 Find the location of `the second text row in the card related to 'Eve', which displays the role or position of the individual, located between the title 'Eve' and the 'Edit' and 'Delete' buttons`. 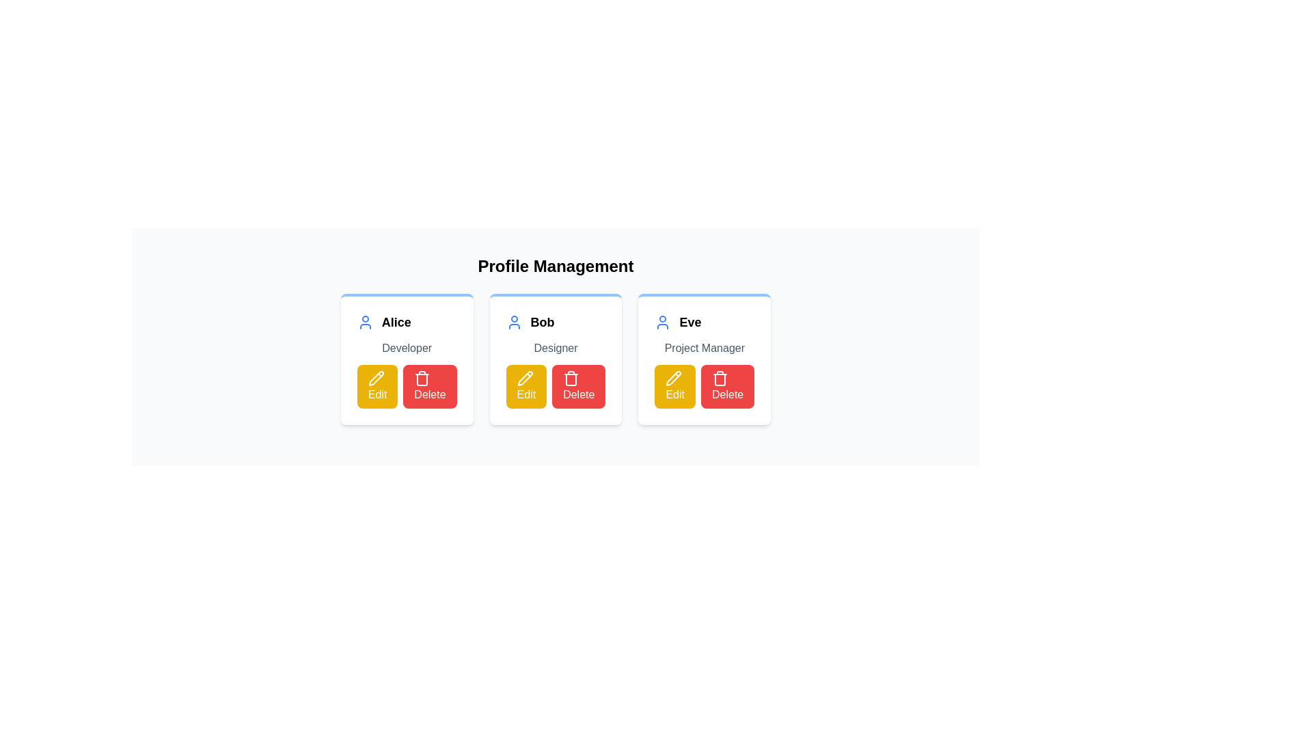

the second text row in the card related to 'Eve', which displays the role or position of the individual, located between the title 'Eve' and the 'Edit' and 'Delete' buttons is located at coordinates (705, 347).